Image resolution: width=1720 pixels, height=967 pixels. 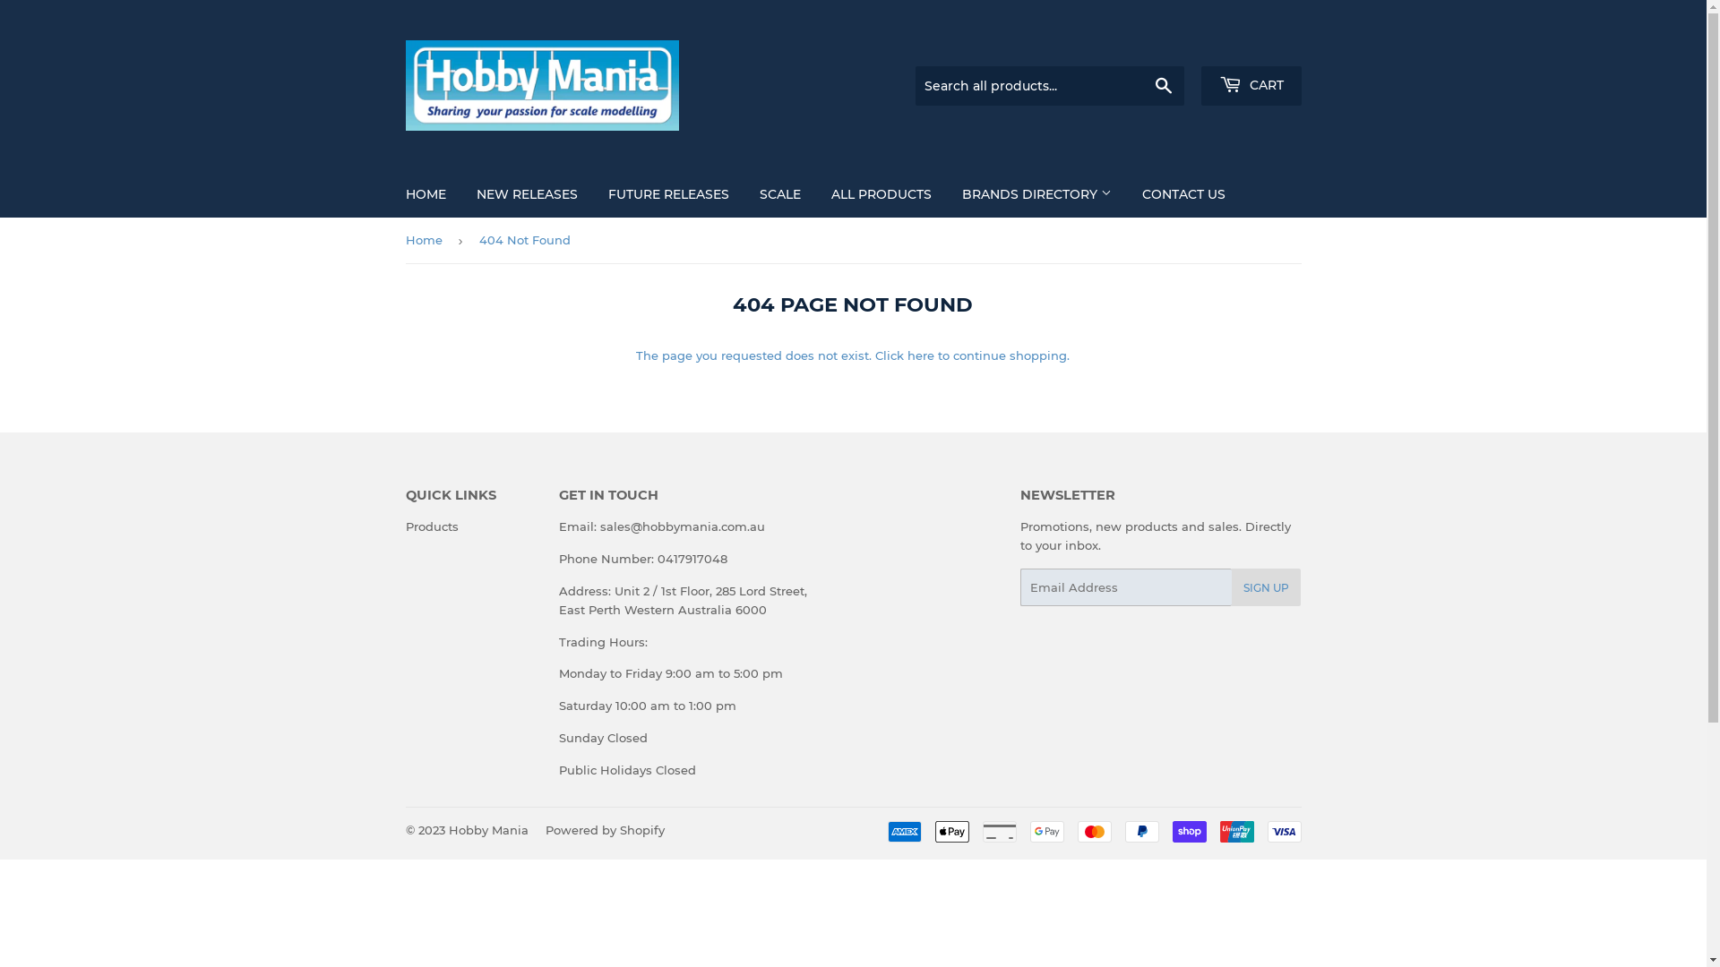 I want to click on 'BRANDS DIRECTORY', so click(x=1036, y=193).